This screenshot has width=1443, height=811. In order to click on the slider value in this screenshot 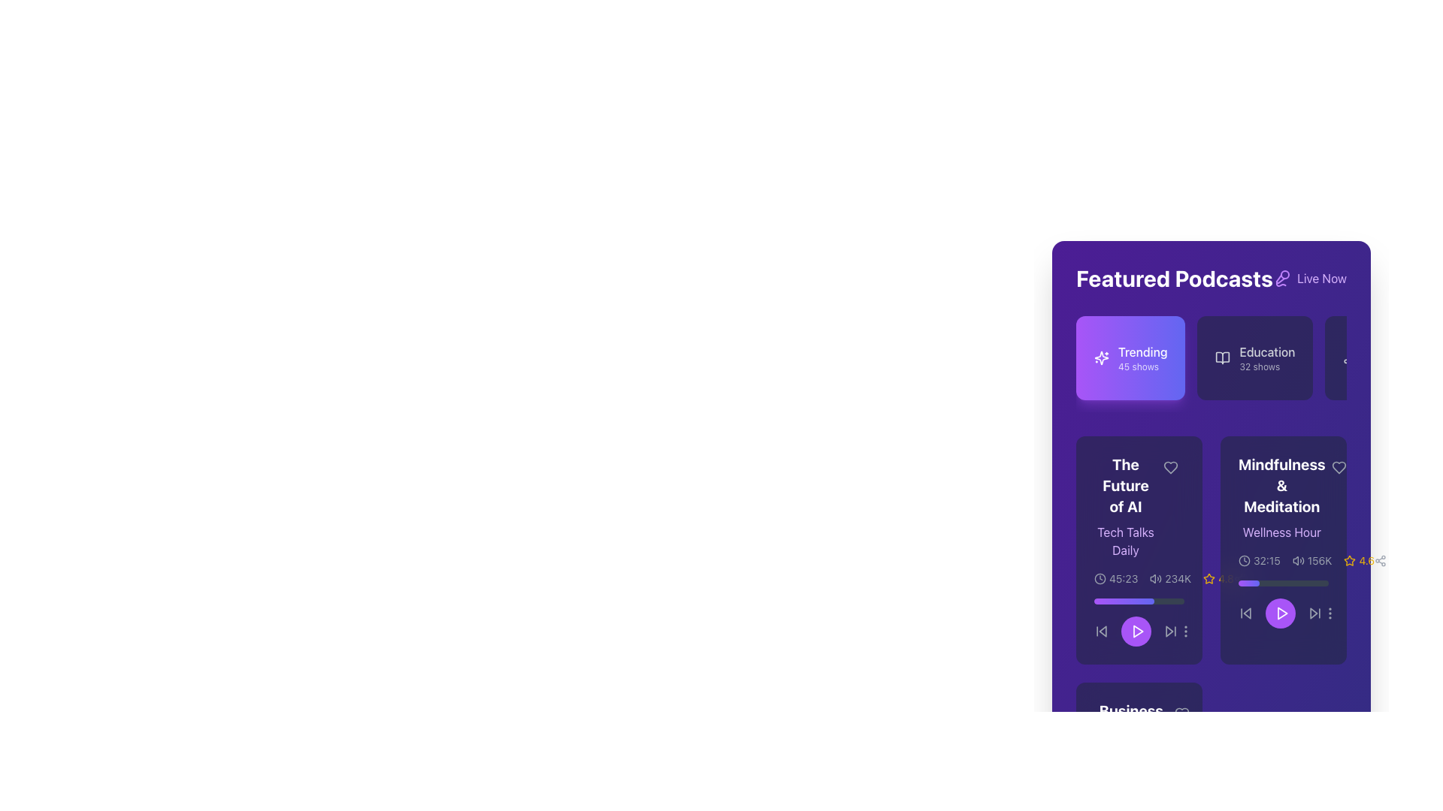, I will do `click(1103, 601)`.